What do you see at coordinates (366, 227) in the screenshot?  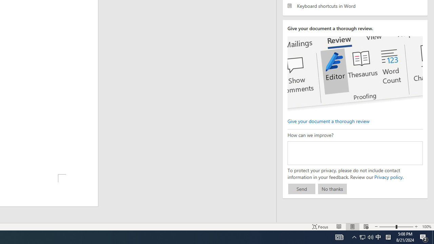 I see `'Web Layout'` at bounding box center [366, 227].